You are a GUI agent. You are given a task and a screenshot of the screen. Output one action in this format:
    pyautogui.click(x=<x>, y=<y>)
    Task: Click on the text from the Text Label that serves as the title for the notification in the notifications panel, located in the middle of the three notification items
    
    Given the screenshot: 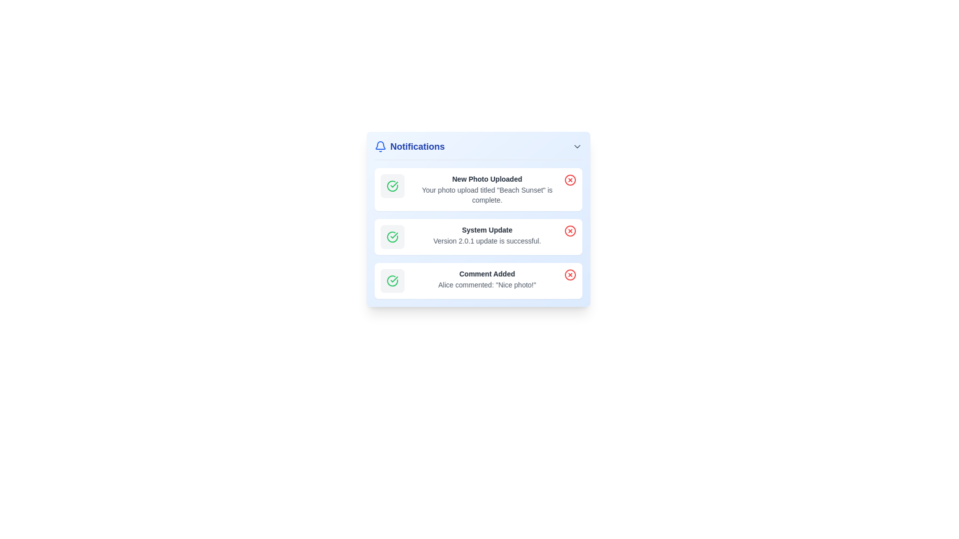 What is the action you would take?
    pyautogui.click(x=487, y=230)
    